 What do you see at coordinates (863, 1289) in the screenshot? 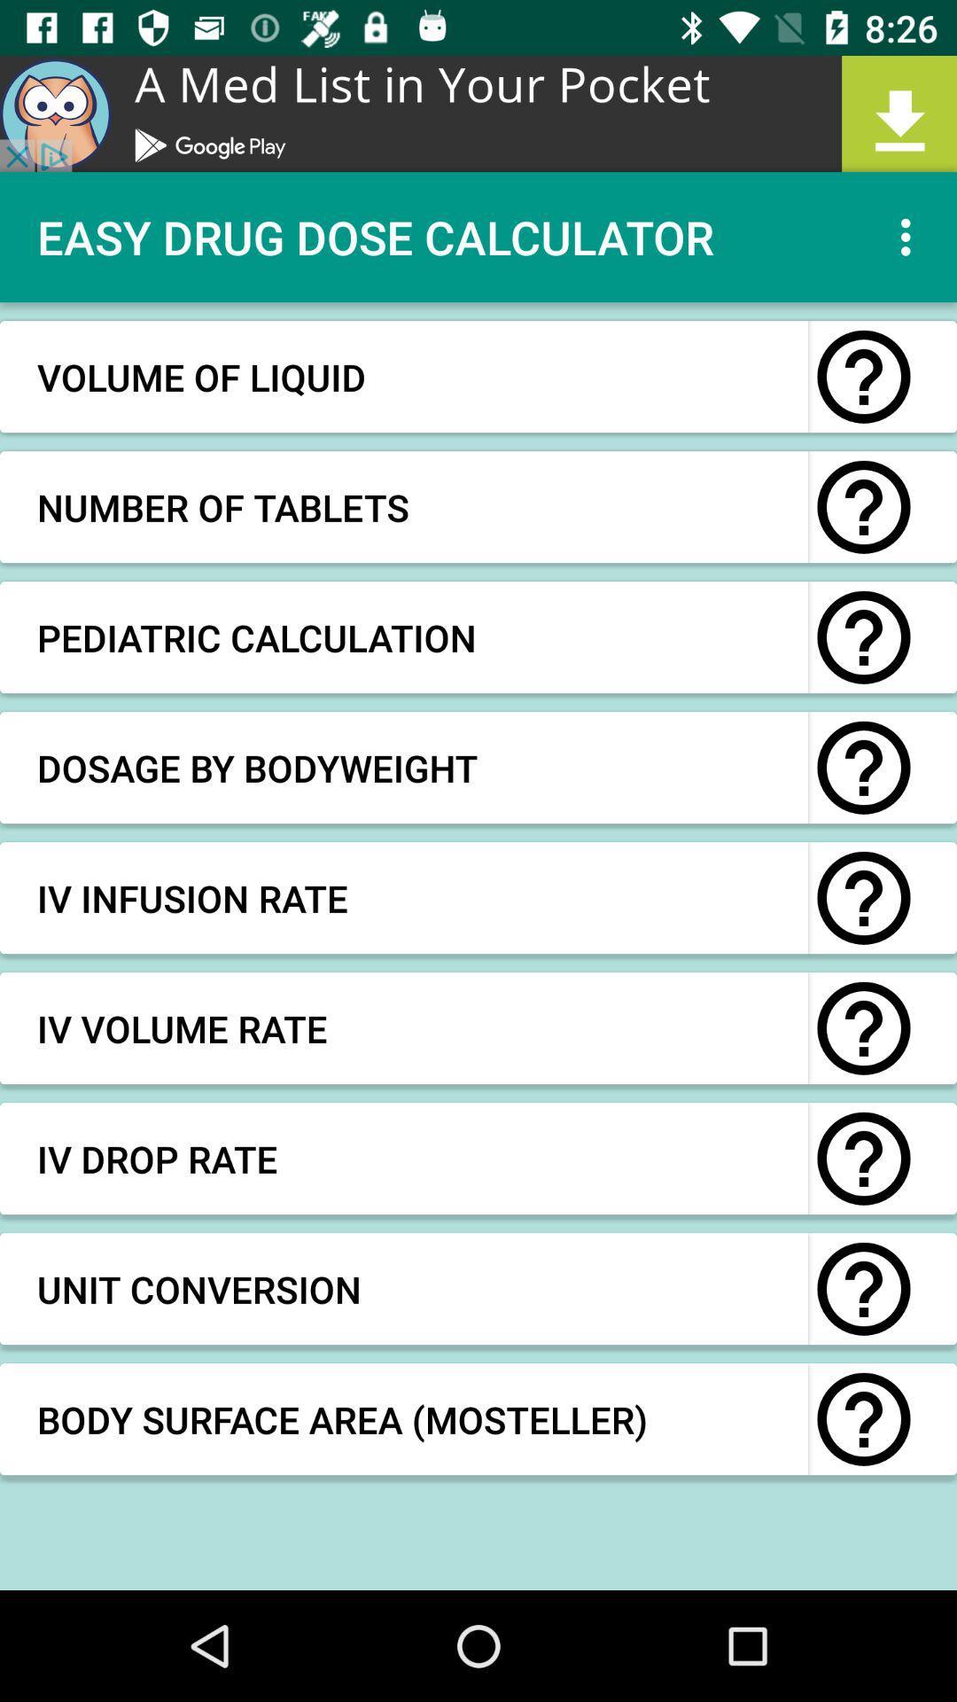
I see `details of unit conversion` at bounding box center [863, 1289].